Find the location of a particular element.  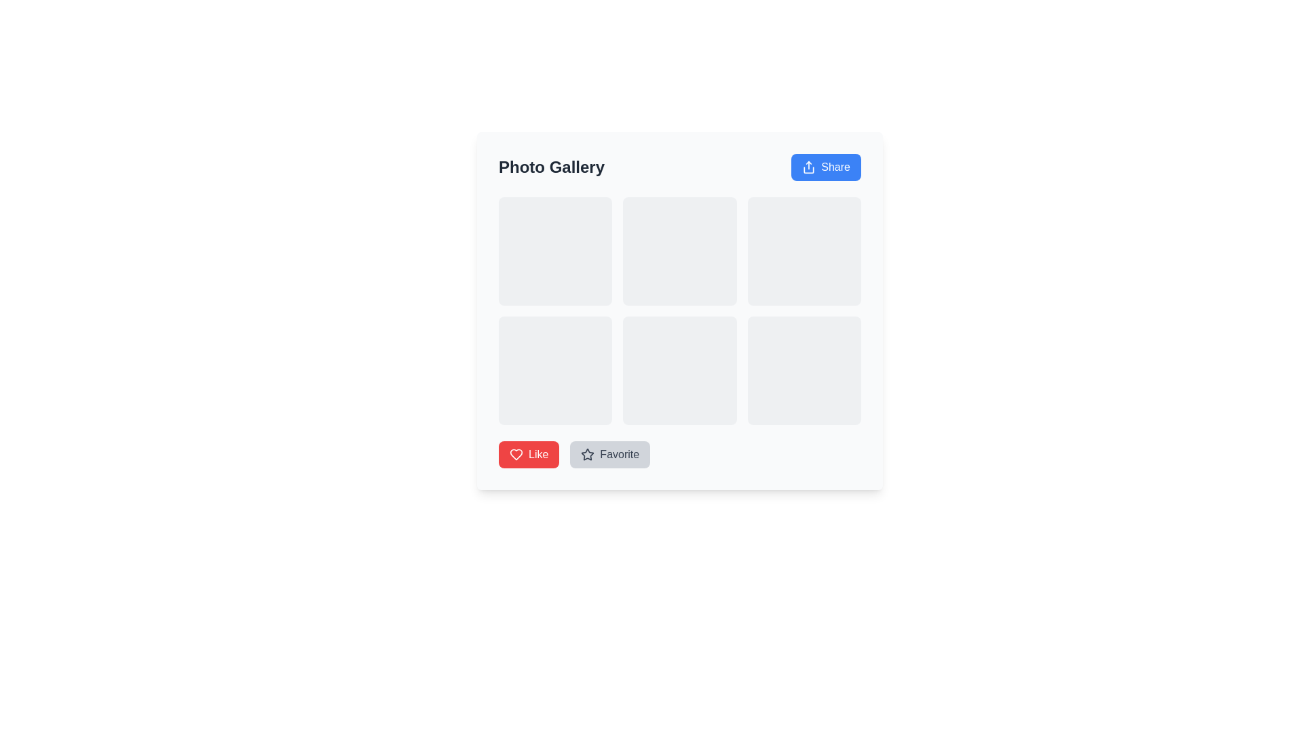

the star-shaped icon located within the 'Favorite' button, which is positioned towards the lower-right corner of the interface next to the 'Like' button is located at coordinates (588, 455).